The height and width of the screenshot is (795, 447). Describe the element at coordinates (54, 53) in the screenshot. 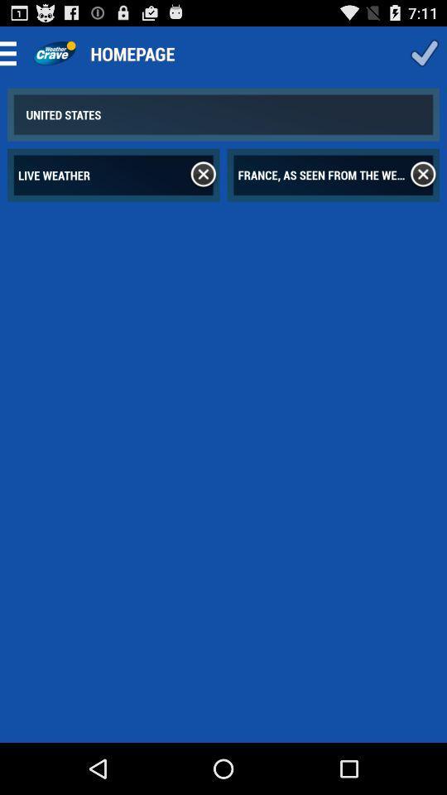

I see `item to the left of the homepage icon` at that location.